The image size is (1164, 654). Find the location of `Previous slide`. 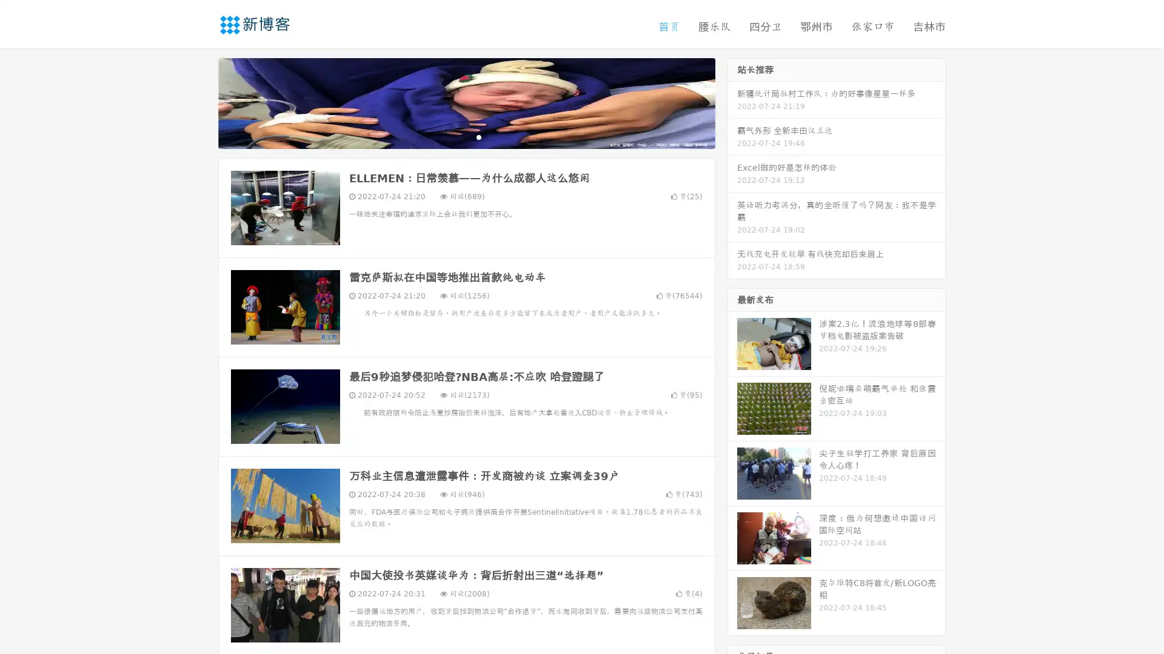

Previous slide is located at coordinates (200, 102).